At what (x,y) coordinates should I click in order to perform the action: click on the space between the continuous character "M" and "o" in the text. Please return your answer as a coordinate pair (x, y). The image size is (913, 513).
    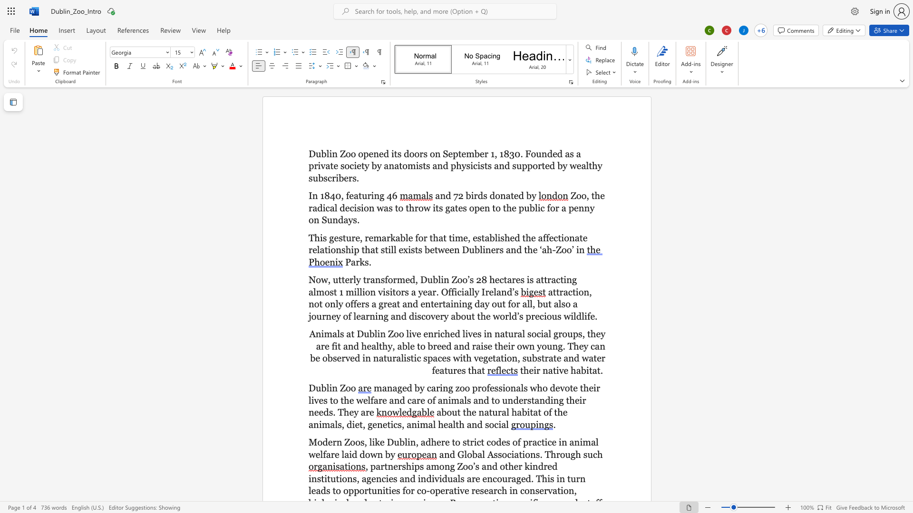
    Looking at the image, I should click on (316, 442).